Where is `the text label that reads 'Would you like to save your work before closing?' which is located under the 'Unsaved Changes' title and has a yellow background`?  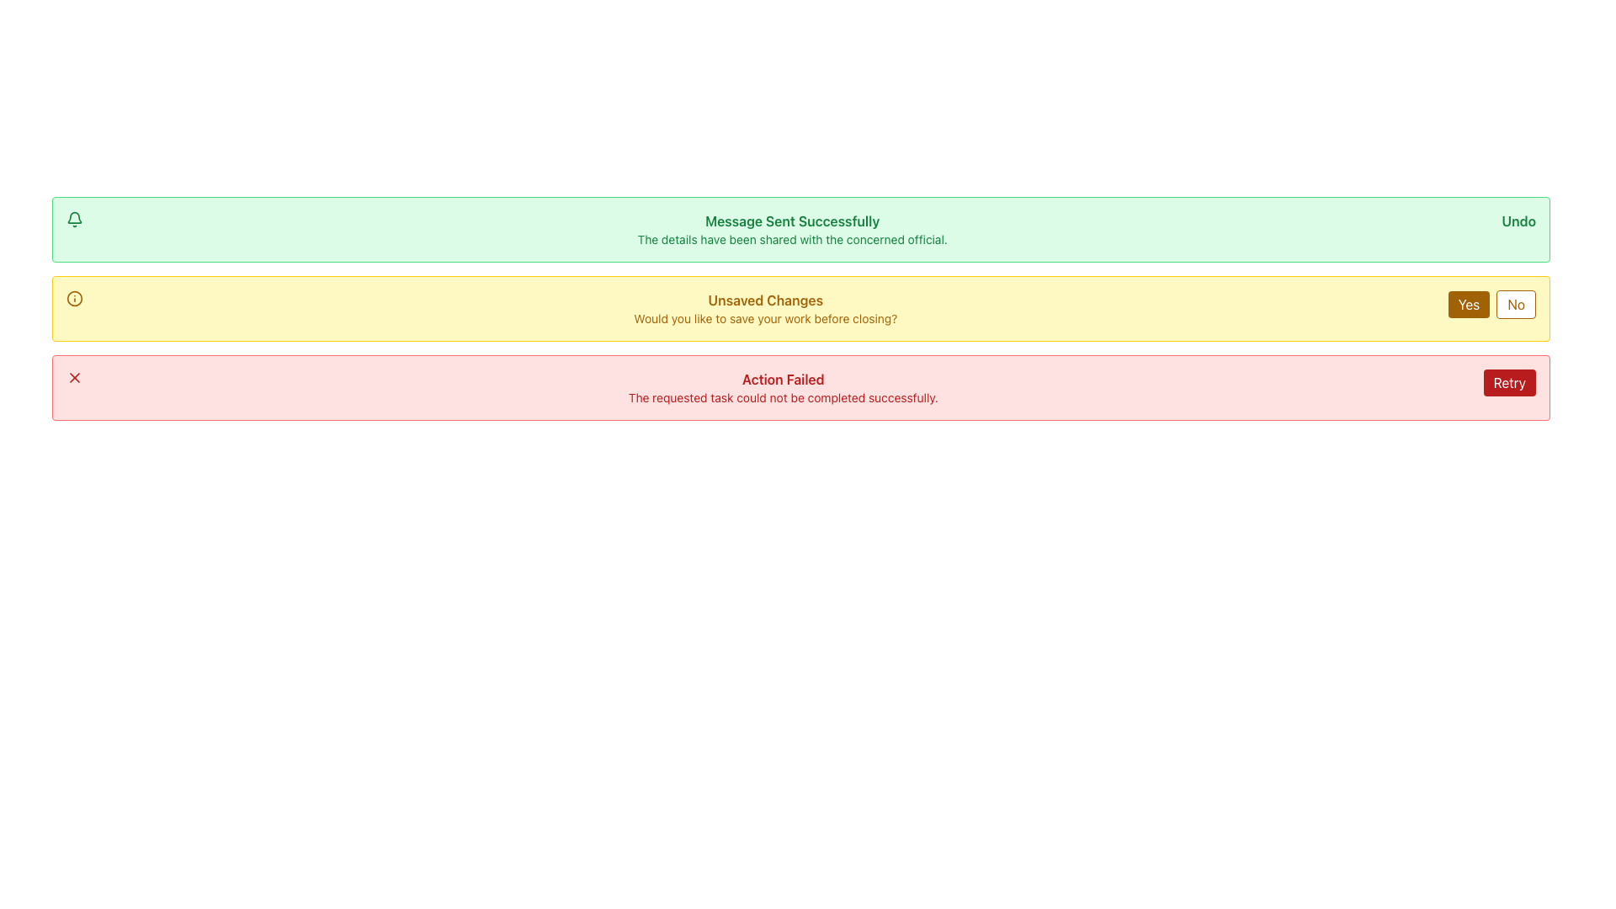 the text label that reads 'Would you like to save your work before closing?' which is located under the 'Unsaved Changes' title and has a yellow background is located at coordinates (764, 318).